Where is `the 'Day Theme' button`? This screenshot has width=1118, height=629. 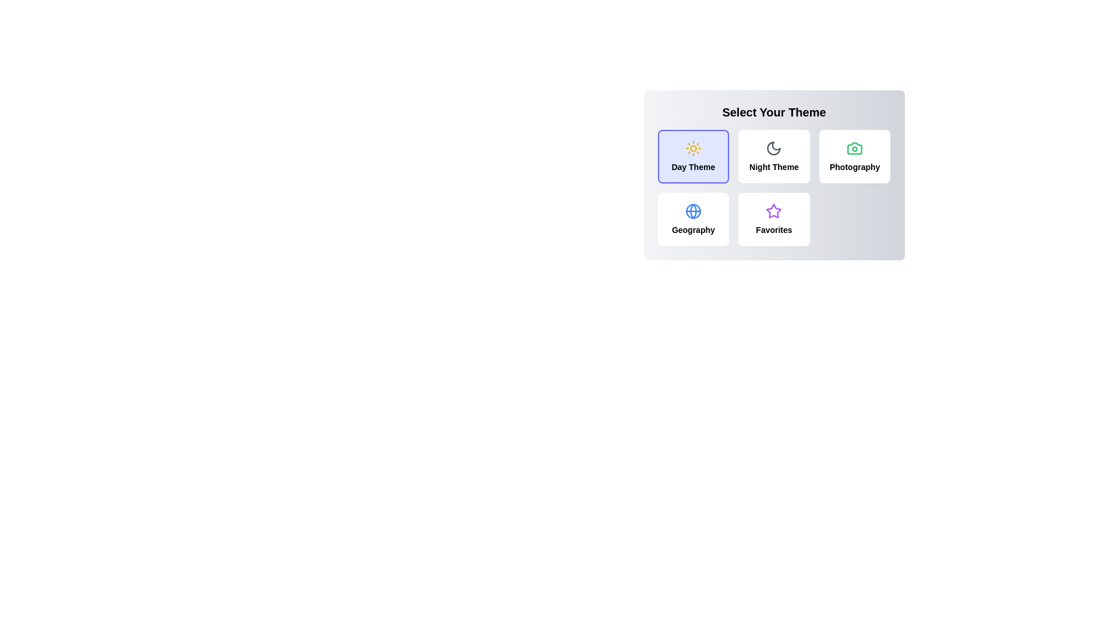
the 'Day Theme' button is located at coordinates (693, 156).